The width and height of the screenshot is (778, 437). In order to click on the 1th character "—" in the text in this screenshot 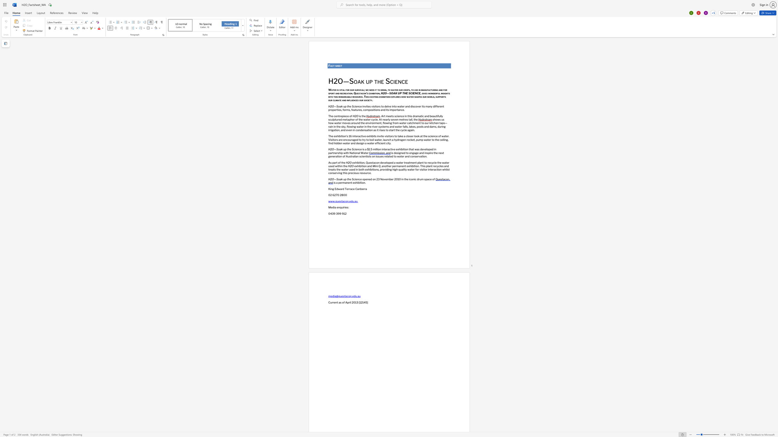, I will do `click(335, 149)`.